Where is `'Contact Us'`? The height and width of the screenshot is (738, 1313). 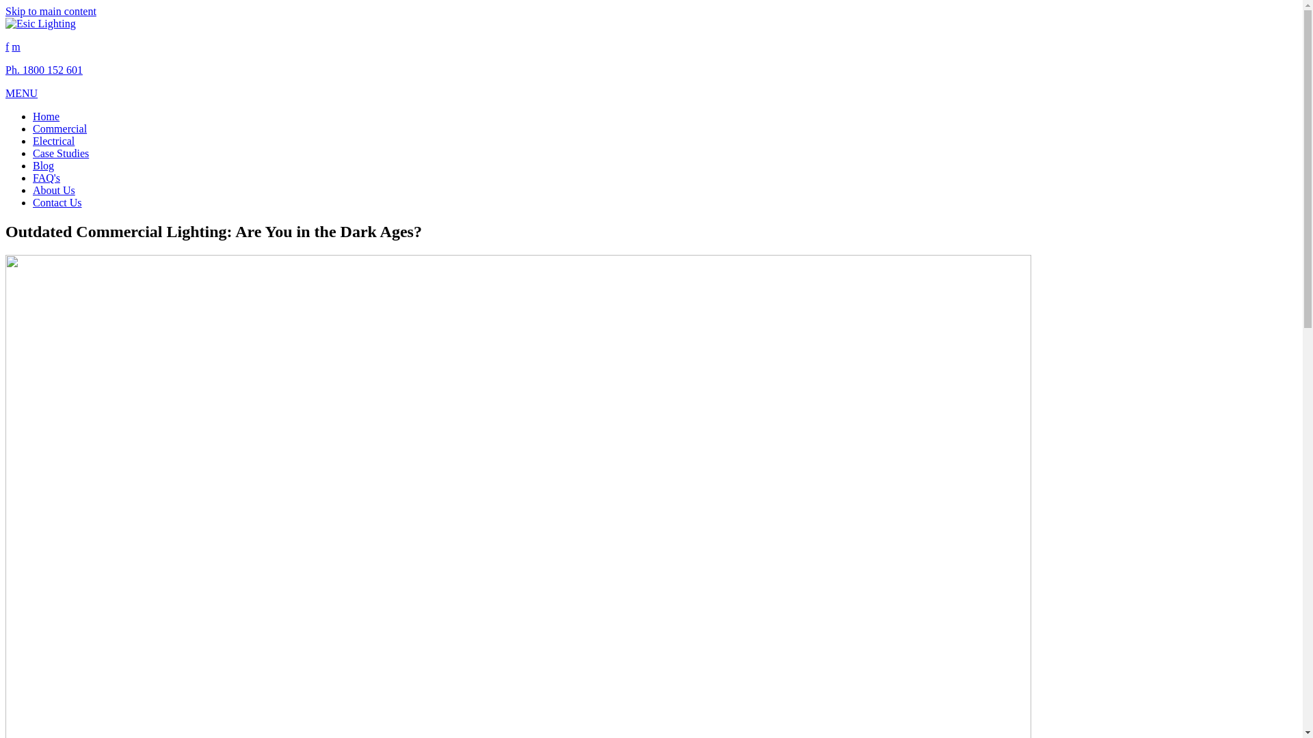 'Contact Us' is located at coordinates (56, 202).